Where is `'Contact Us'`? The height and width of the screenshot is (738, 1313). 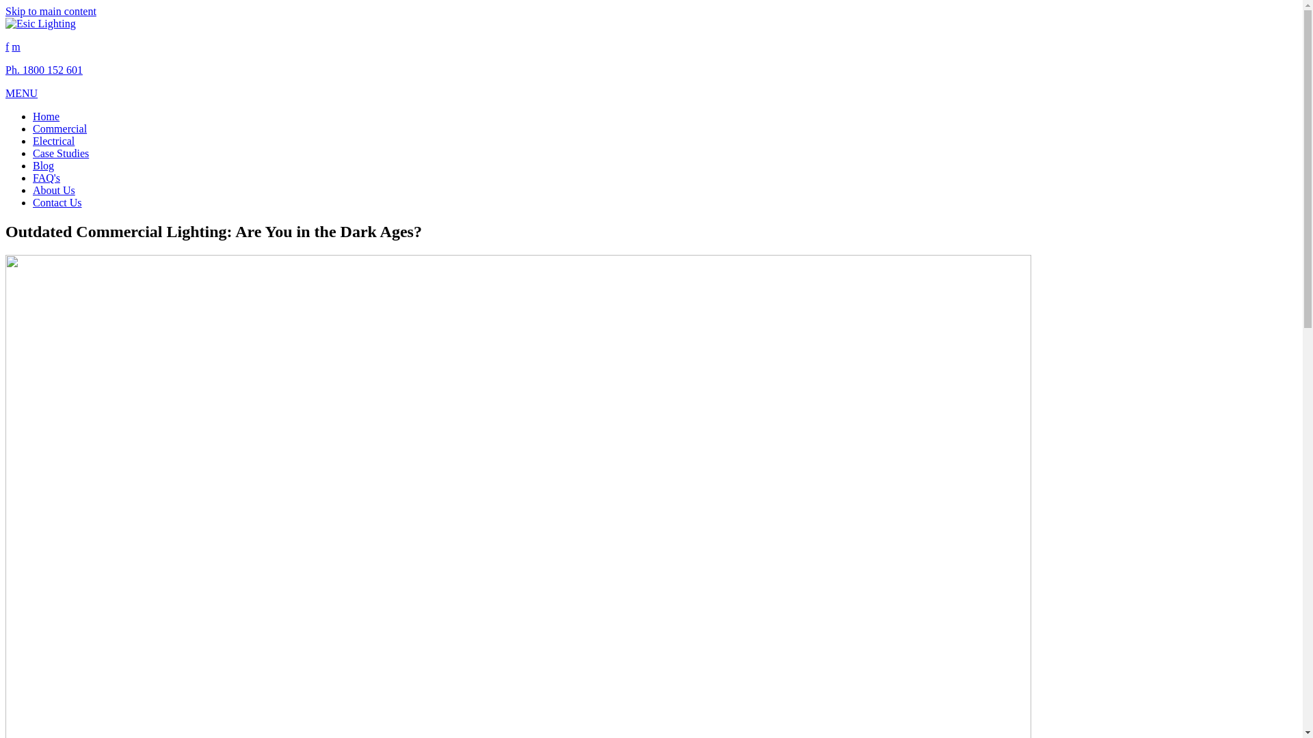 'Contact Us' is located at coordinates (56, 202).